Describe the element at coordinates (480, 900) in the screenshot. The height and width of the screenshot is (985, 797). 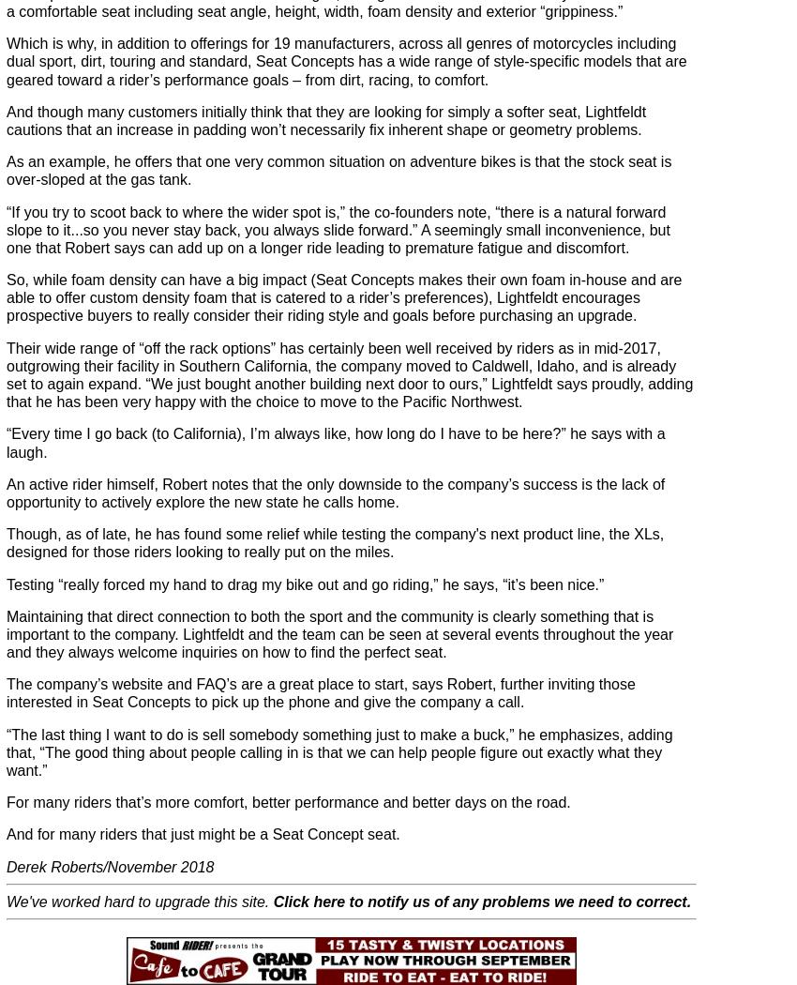
I see `'Click here to notify us of any problems we need to correct.'` at that location.